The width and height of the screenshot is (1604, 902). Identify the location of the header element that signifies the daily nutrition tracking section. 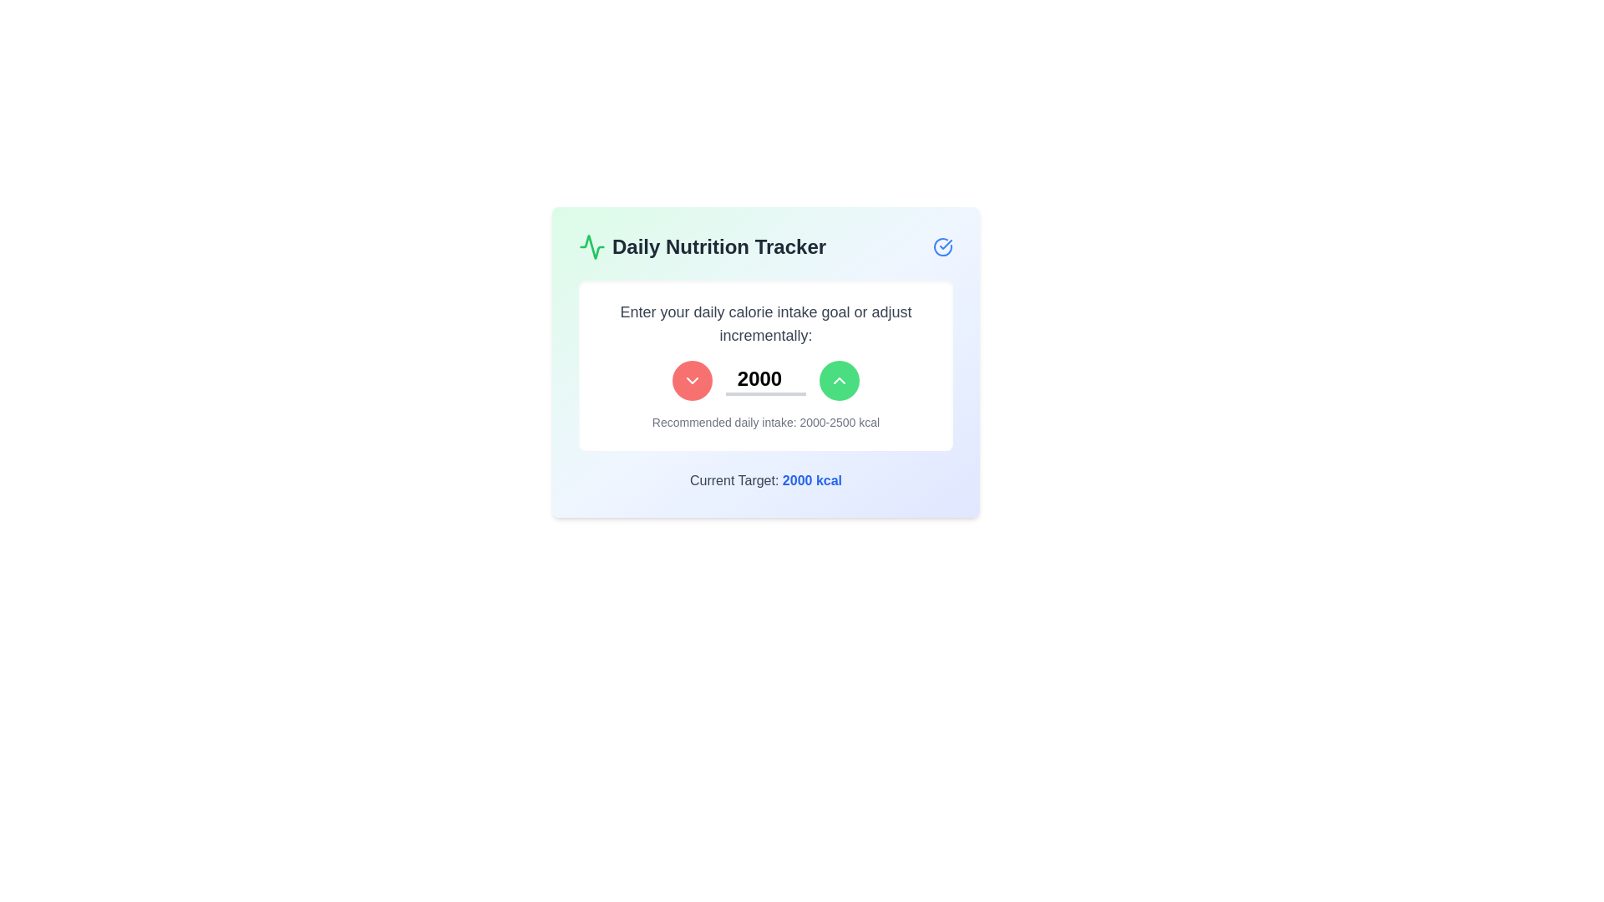
(702, 247).